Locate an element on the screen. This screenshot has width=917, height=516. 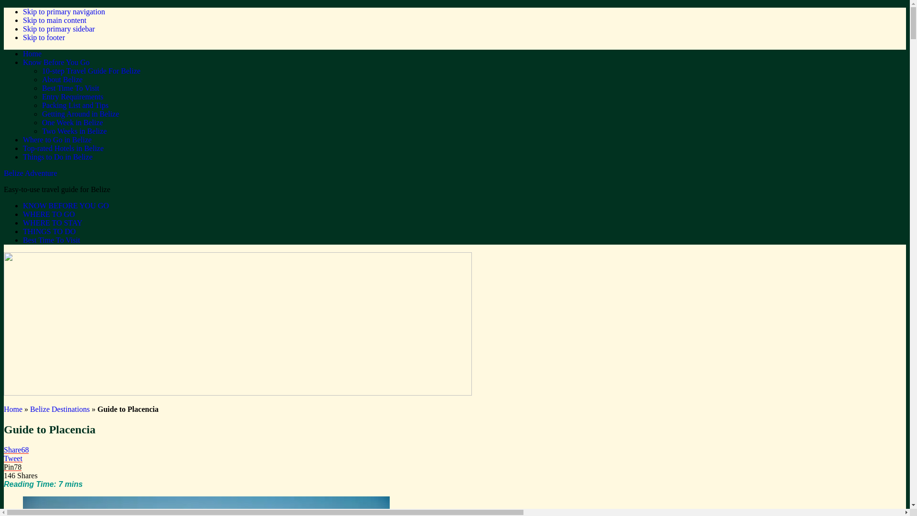
'KNOW BEFORE YOU GO' is located at coordinates (65, 205).